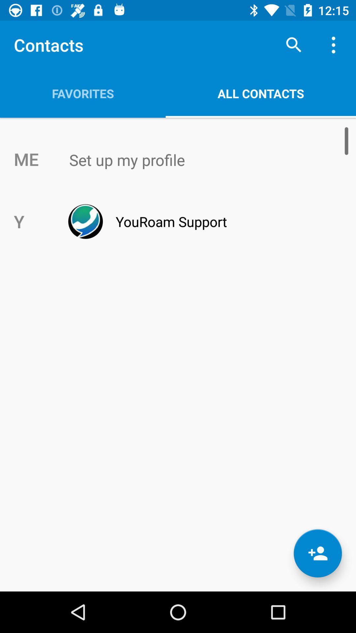 Image resolution: width=356 pixels, height=633 pixels. I want to click on the icon to the right of the me, so click(192, 160).